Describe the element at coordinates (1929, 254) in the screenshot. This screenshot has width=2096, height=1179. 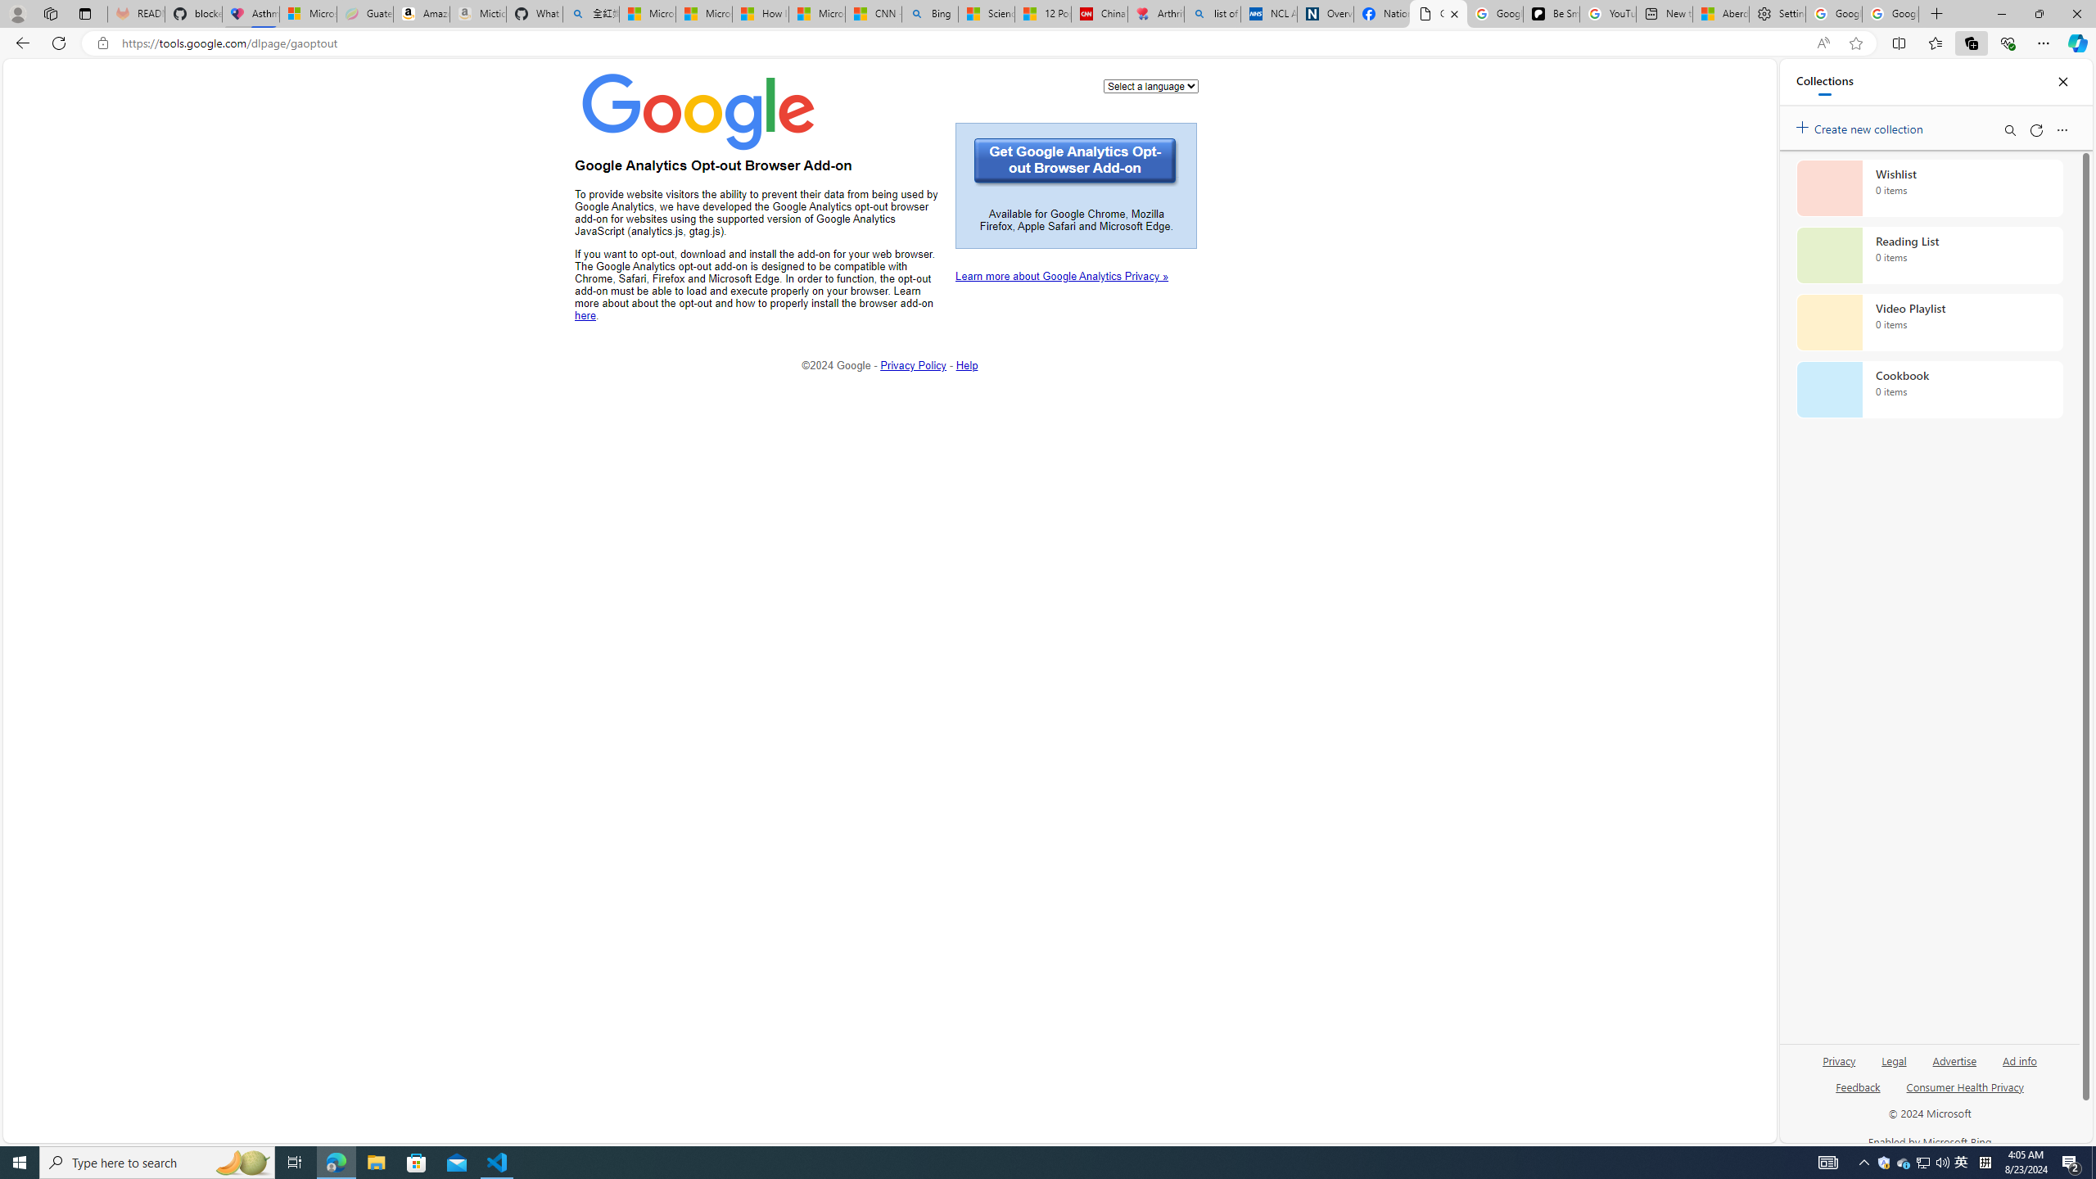
I see `'Reading List collection, 0 items'` at that location.